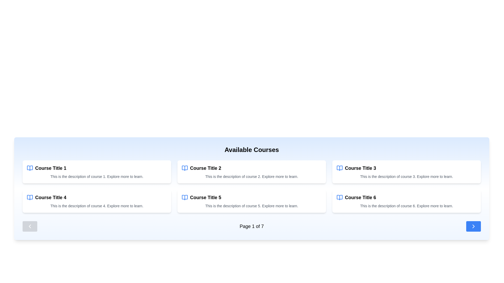 The height and width of the screenshot is (283, 504). What do you see at coordinates (340, 197) in the screenshot?
I see `the educational icon located at the start of the course title 'Course Title 6' in the second row, third column of the course listing interface` at bounding box center [340, 197].